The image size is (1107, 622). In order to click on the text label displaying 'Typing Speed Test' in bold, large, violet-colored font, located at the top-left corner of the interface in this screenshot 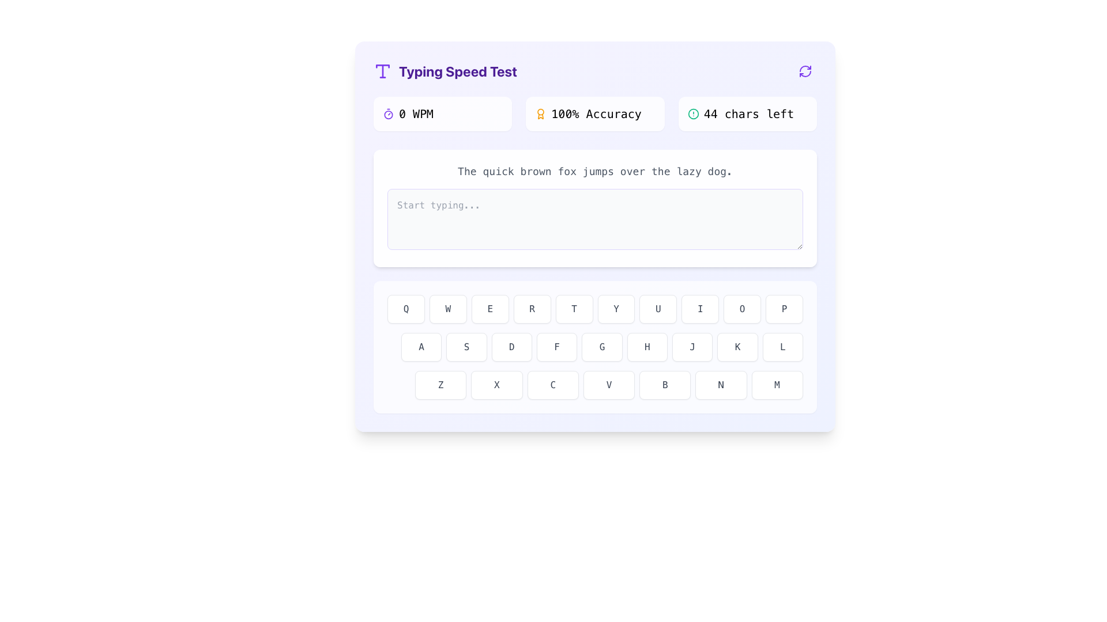, I will do `click(457, 71)`.